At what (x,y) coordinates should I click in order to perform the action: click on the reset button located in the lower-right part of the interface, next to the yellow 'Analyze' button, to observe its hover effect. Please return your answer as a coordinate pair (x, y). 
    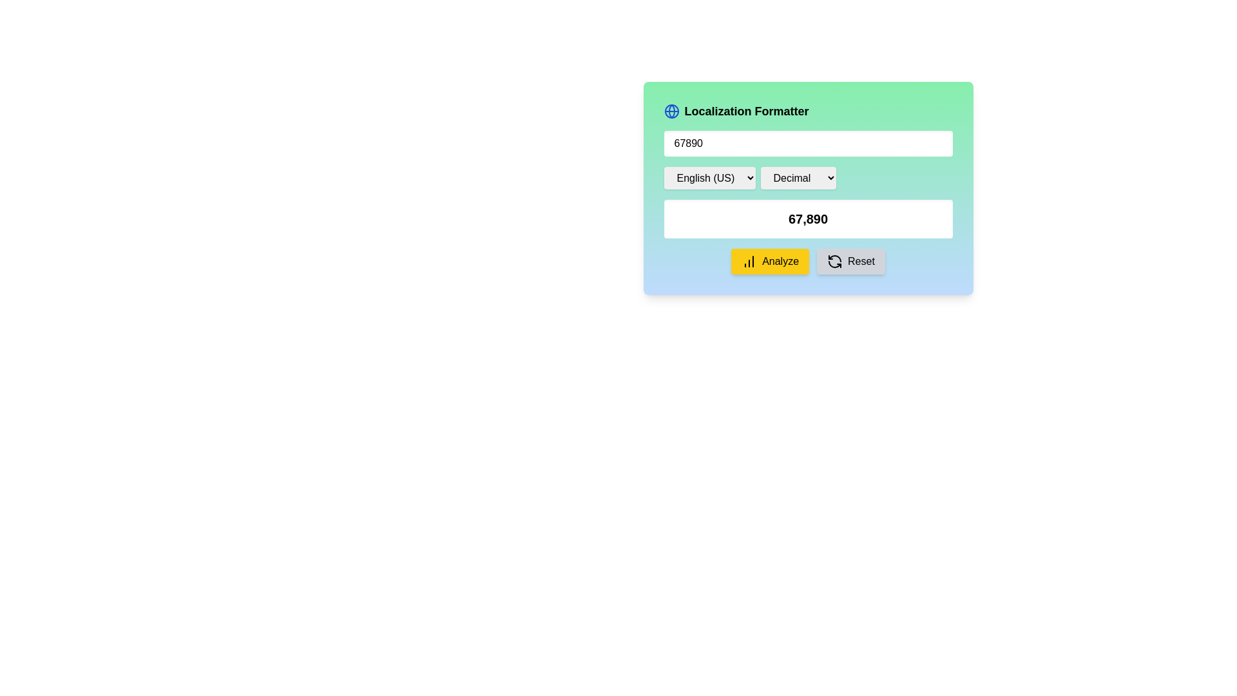
    Looking at the image, I should click on (850, 261).